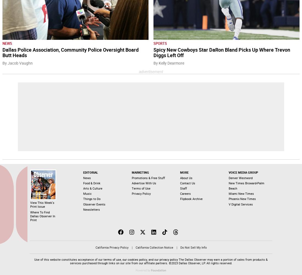  What do you see at coordinates (82, 188) in the screenshot?
I see `'Arts & Culture'` at bounding box center [82, 188].